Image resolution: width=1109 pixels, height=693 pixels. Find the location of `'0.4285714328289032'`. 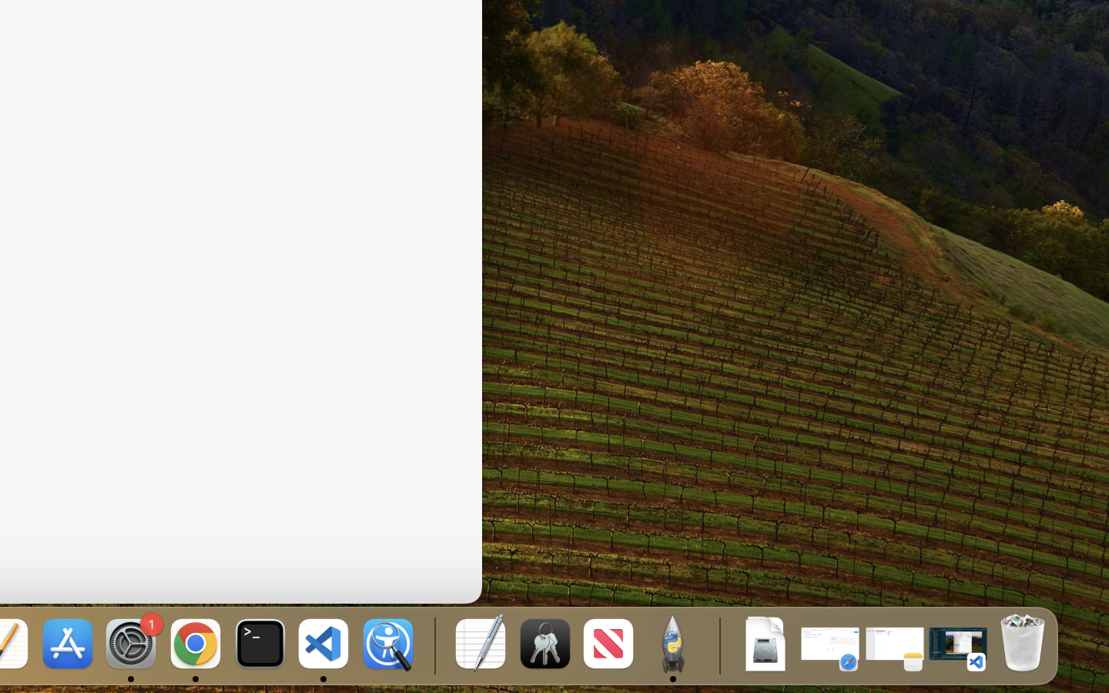

'0.4285714328289032' is located at coordinates (433, 644).